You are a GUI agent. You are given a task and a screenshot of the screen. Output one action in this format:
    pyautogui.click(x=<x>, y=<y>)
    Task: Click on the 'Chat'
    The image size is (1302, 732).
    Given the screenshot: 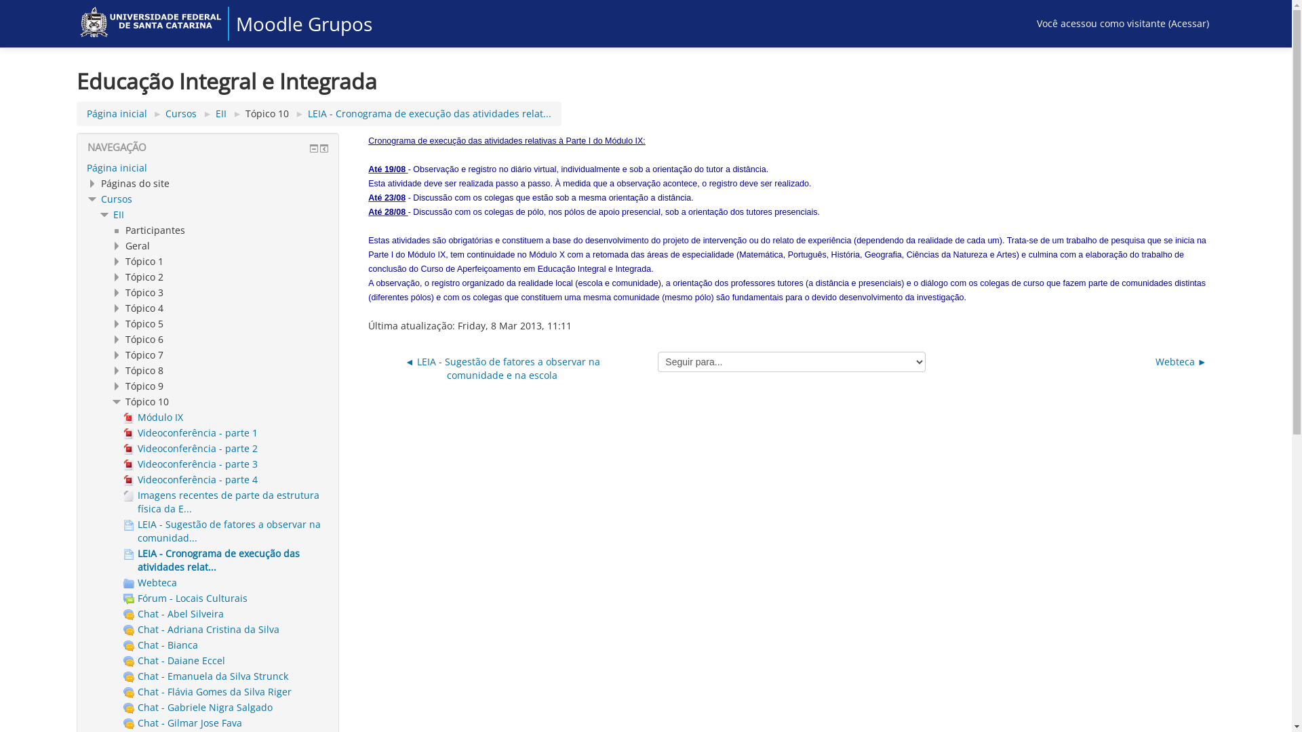 What is the action you would take?
    pyautogui.click(x=129, y=614)
    